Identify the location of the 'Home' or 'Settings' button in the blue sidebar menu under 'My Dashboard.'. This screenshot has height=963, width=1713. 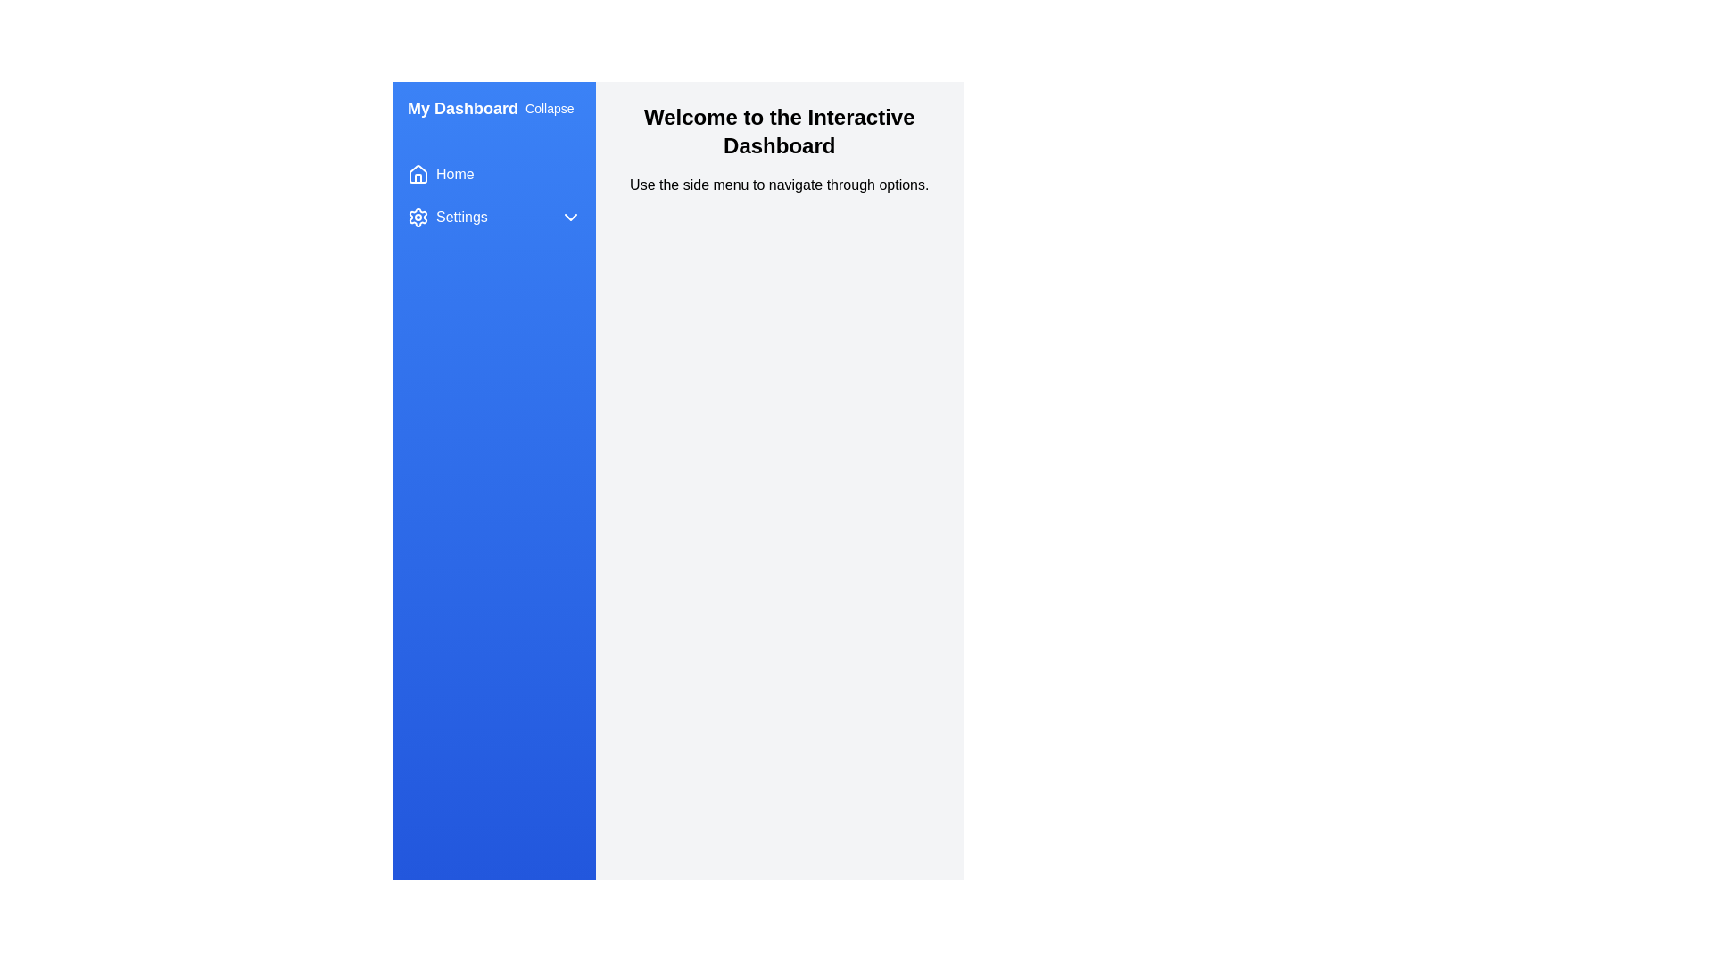
(494, 195).